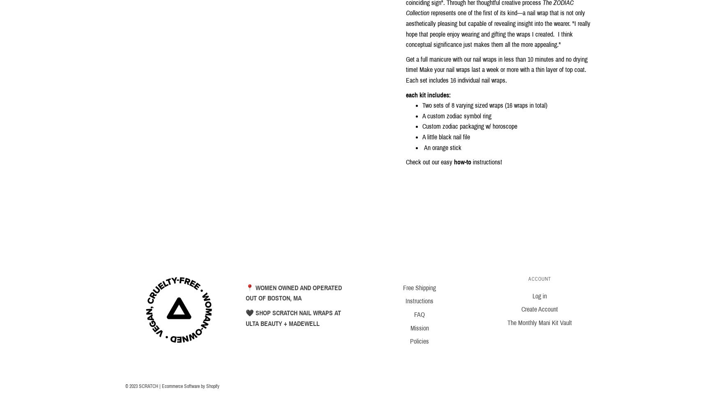  Describe the element at coordinates (498, 28) in the screenshot. I see `'represents one of the first of its kind—a nail wrap that is not only aesthetically pleasing but capable of revealing insight into the wearer. "I really hope that people enjoy wearing and gifting the wraps I created.  I think conceptual significance just makes them all the more appealing."'` at that location.